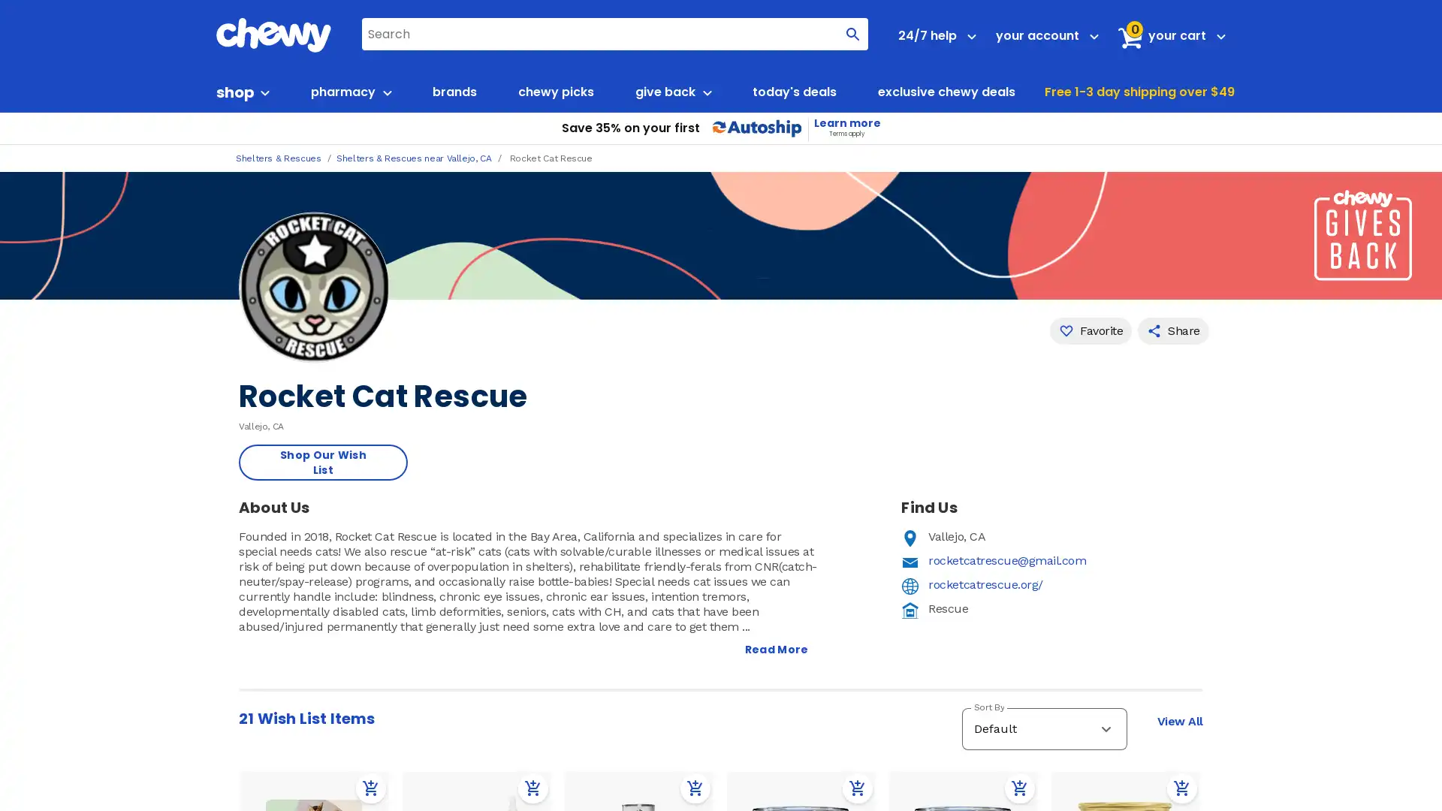 The height and width of the screenshot is (811, 1442). What do you see at coordinates (776, 648) in the screenshot?
I see `Read More` at bounding box center [776, 648].